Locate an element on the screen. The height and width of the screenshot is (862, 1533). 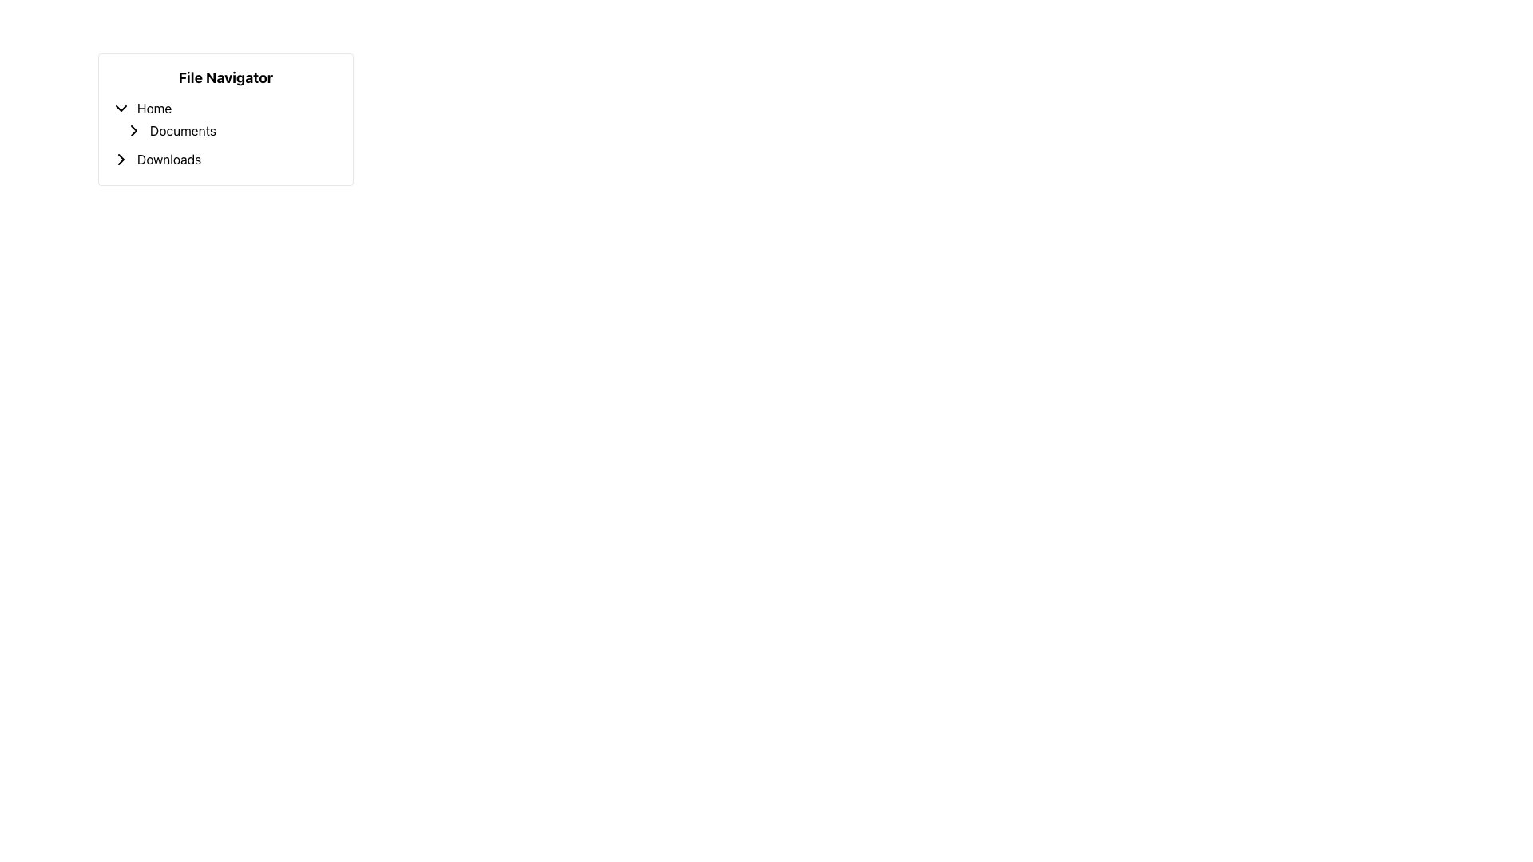
the navigational item labeled 'Downloads' located in the file explorer interface is located at coordinates (225, 160).